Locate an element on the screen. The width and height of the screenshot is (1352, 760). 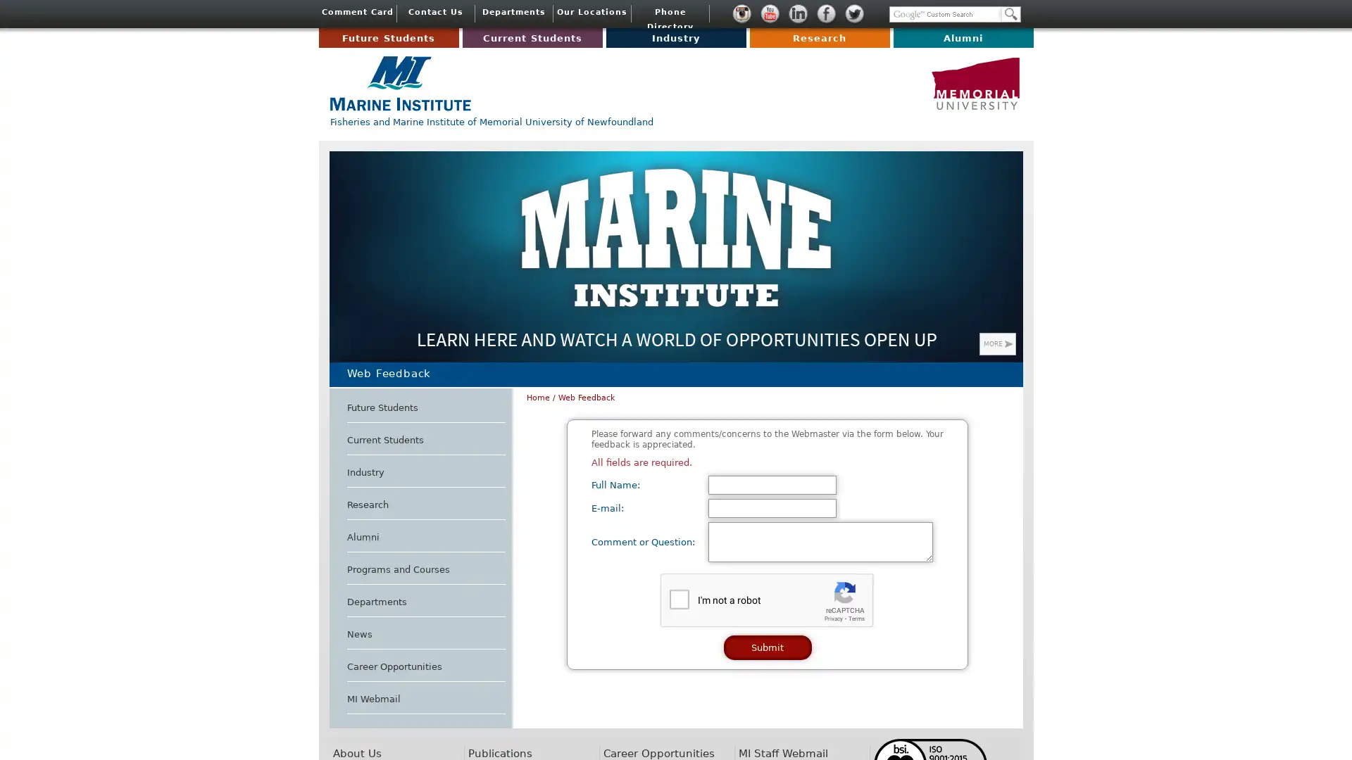
Submit is located at coordinates (766, 647).